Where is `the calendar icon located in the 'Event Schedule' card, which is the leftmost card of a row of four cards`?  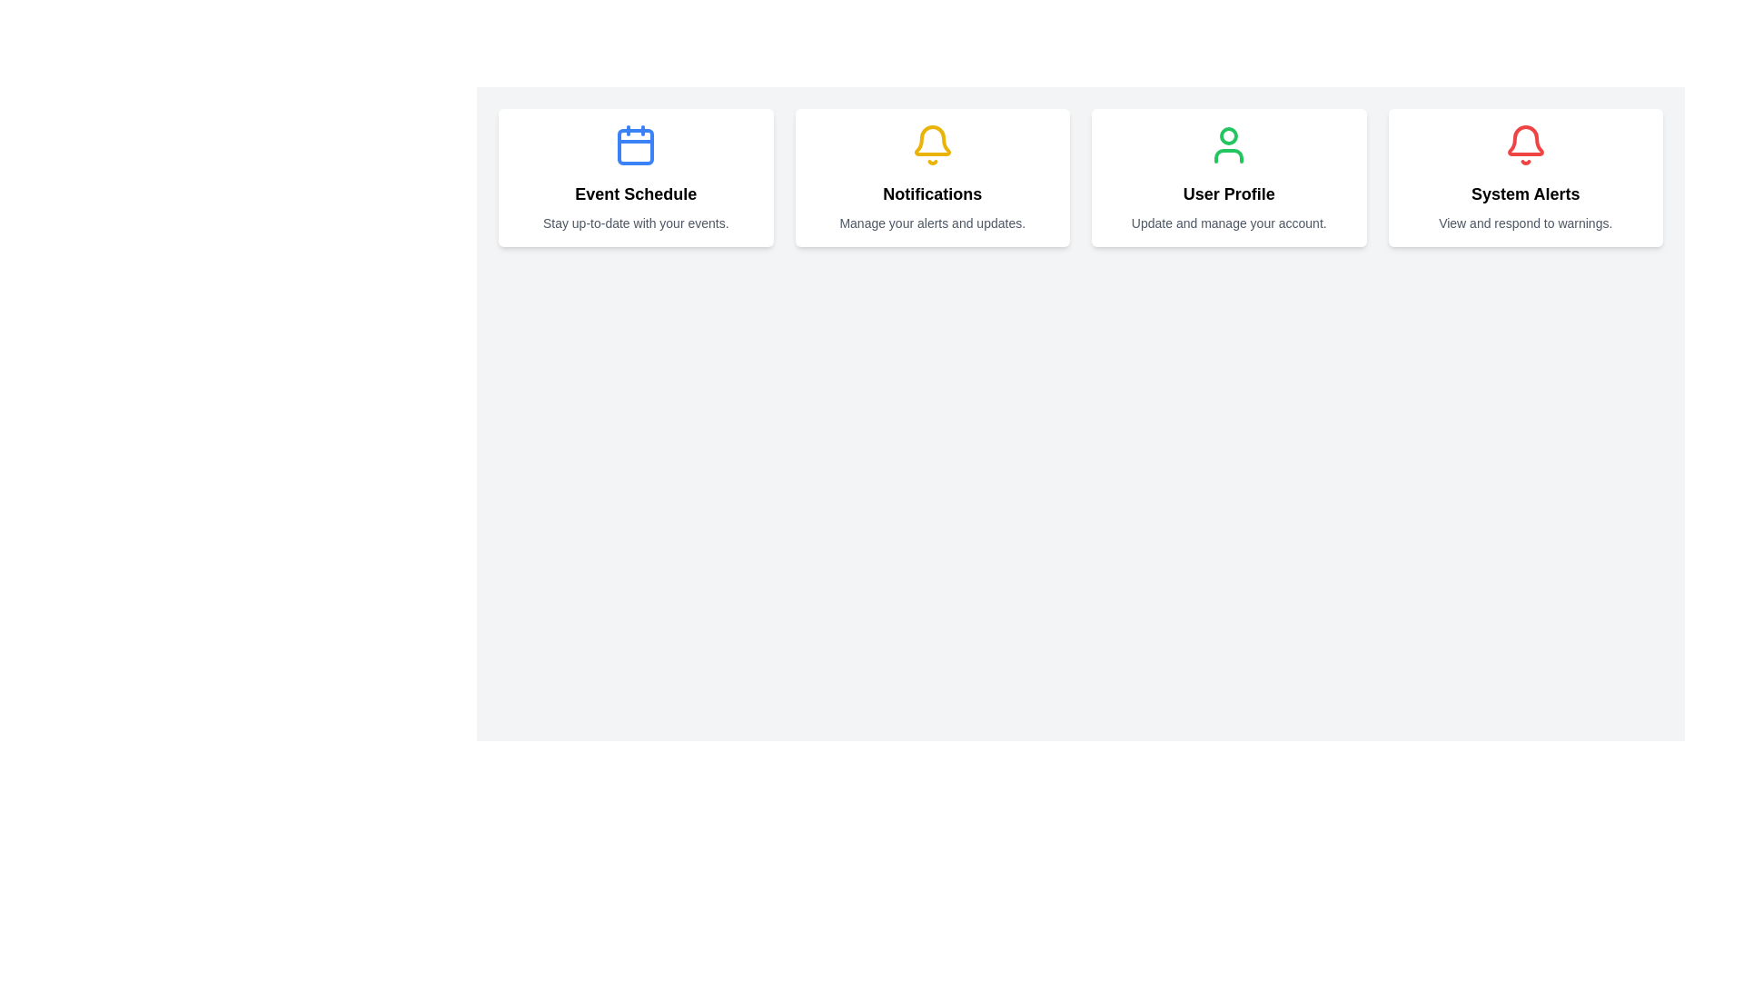
the calendar icon located in the 'Event Schedule' card, which is the leftmost card of a row of four cards is located at coordinates (636, 144).